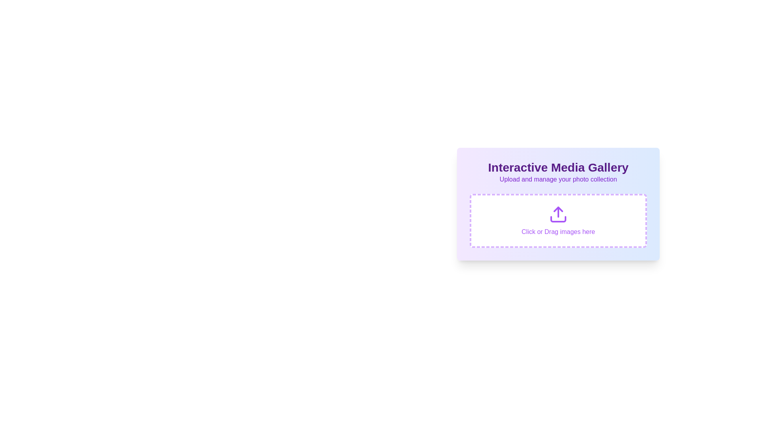  Describe the element at coordinates (558, 219) in the screenshot. I see `the base of the upload icon, which is centrally located within the dashed-bordered rectangle labeled 'Click or Drag images here' under 'Interactive Media Gallery'` at that location.